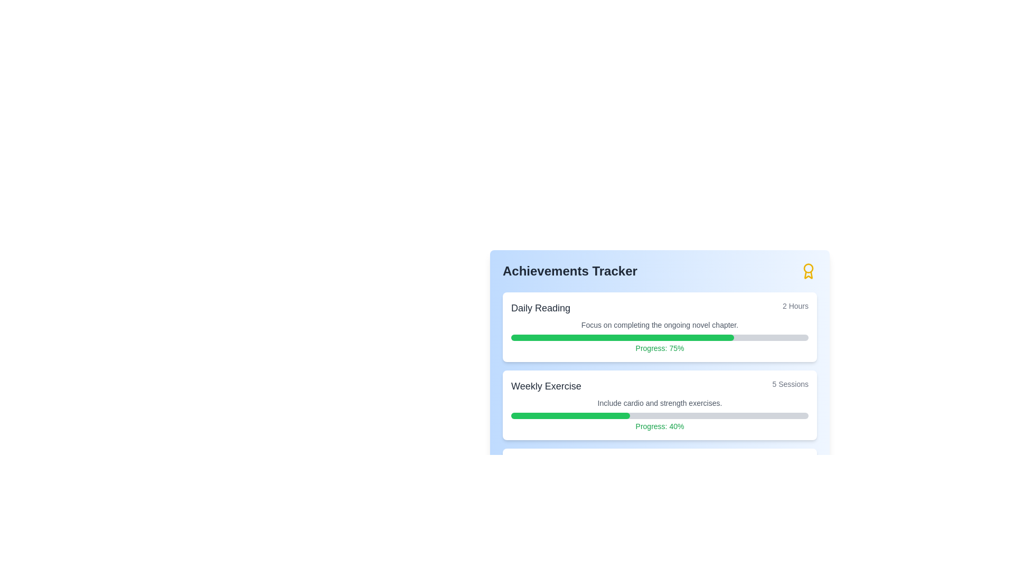 The width and height of the screenshot is (1014, 570). What do you see at coordinates (790, 386) in the screenshot?
I see `the static text element displaying '5 Sessions' located to the right of the 'Weekly Exercise' section in the 'Achievements Tracker' panel` at bounding box center [790, 386].